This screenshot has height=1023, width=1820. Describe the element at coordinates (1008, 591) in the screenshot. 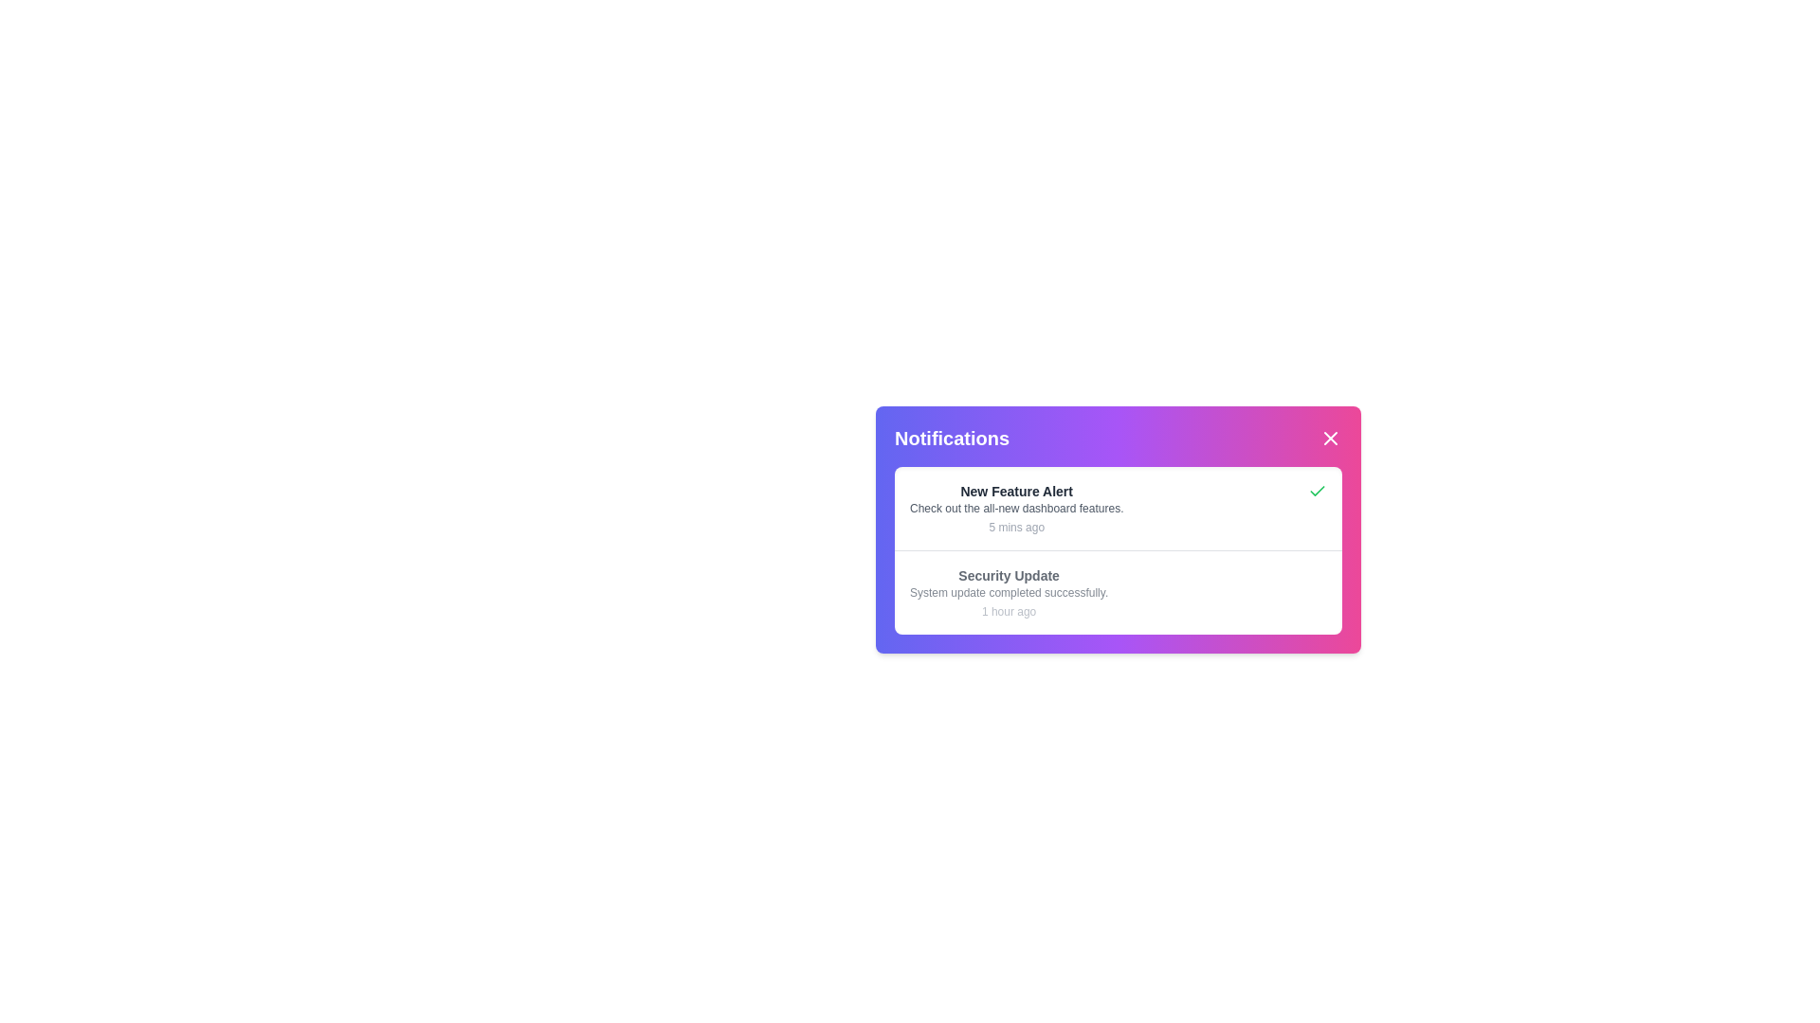

I see `the text label that reads 'System update completed successfully.', which is styled with a small font size and light gray color, located below the bold title 'Security Update'` at that location.